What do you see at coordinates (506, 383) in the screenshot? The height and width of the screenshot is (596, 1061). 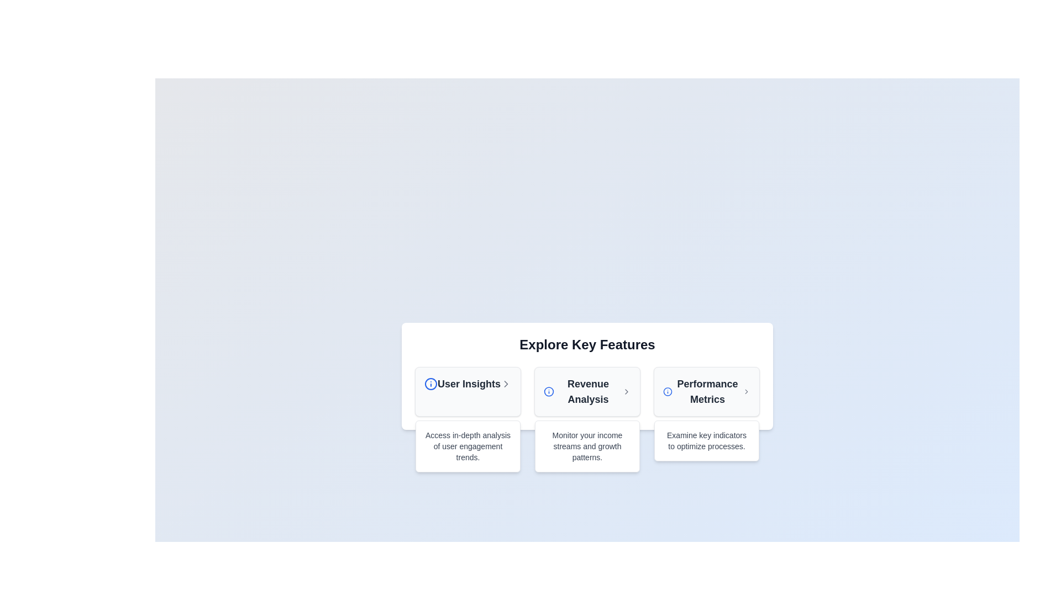 I see `the rightward-pointing chevron icon next to the 'User Insights' text` at bounding box center [506, 383].